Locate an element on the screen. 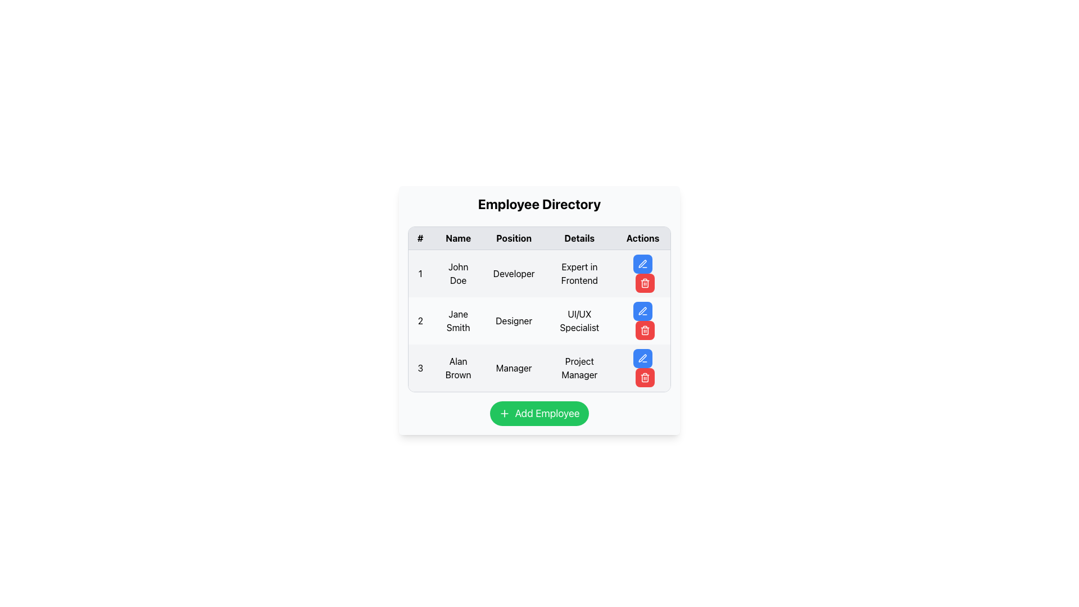  the '+' icon in the 'Add Employee' button located at the bottom center of the interface is located at coordinates (504, 414).